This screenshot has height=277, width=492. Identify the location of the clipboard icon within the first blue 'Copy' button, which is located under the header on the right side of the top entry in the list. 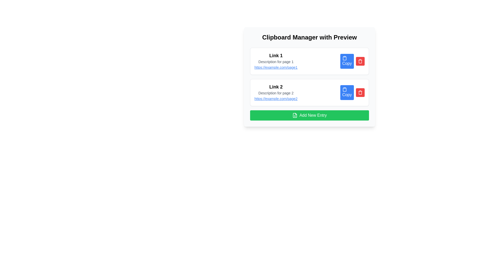
(344, 58).